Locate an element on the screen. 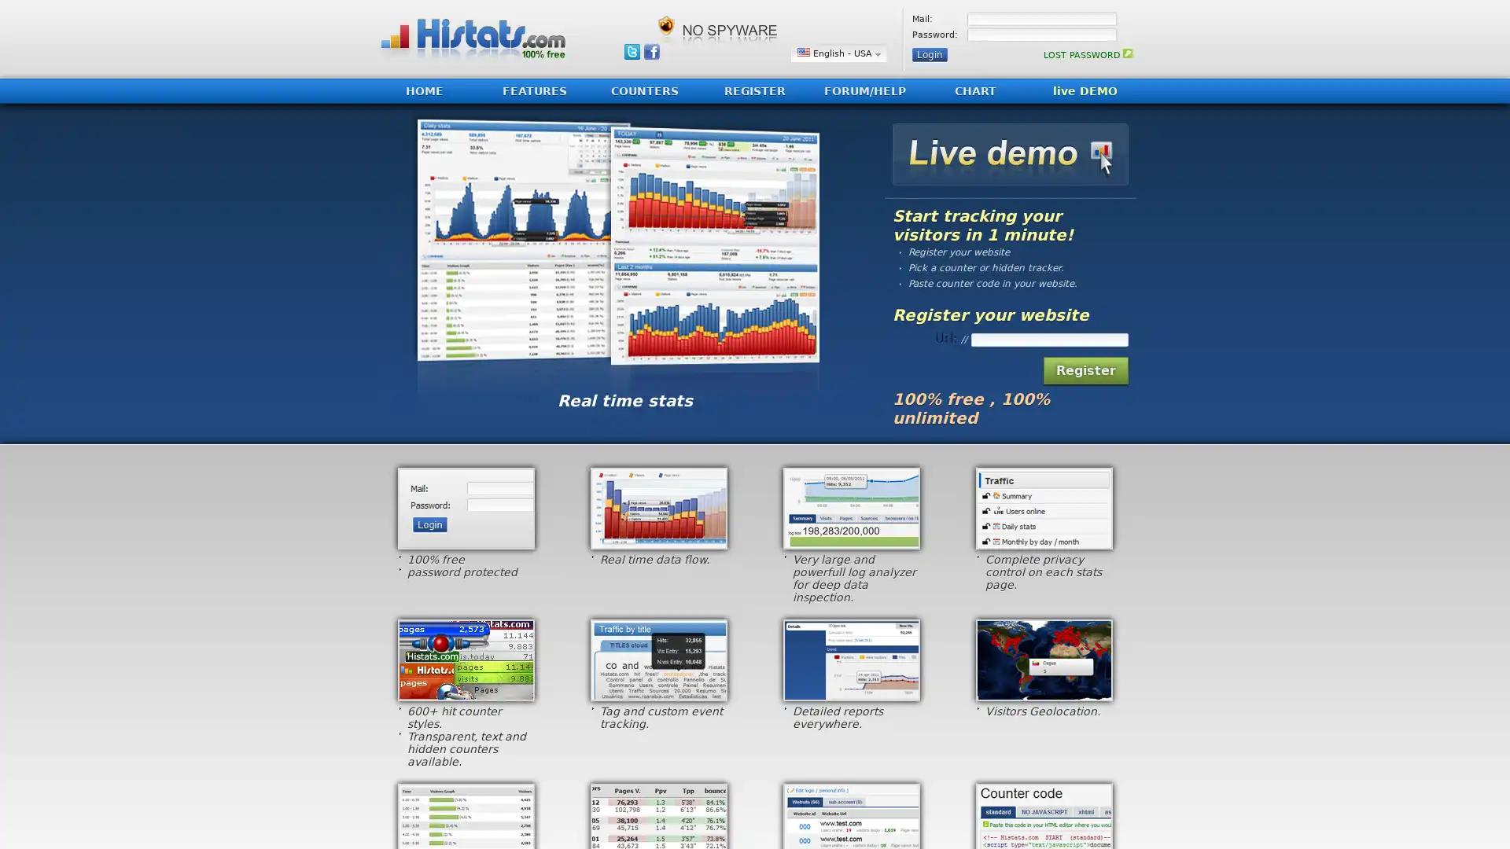 This screenshot has height=849, width=1510. Login is located at coordinates (930, 53).